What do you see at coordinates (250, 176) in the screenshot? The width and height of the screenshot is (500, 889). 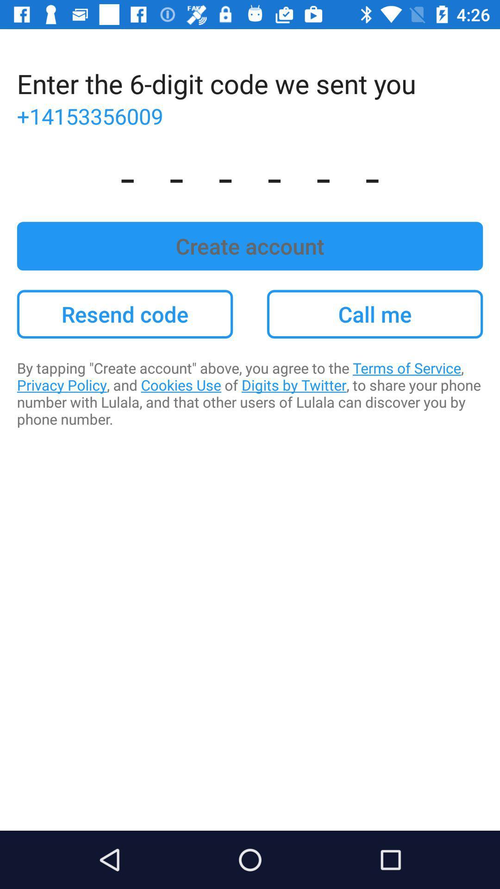 I see `app above the create account item` at bounding box center [250, 176].